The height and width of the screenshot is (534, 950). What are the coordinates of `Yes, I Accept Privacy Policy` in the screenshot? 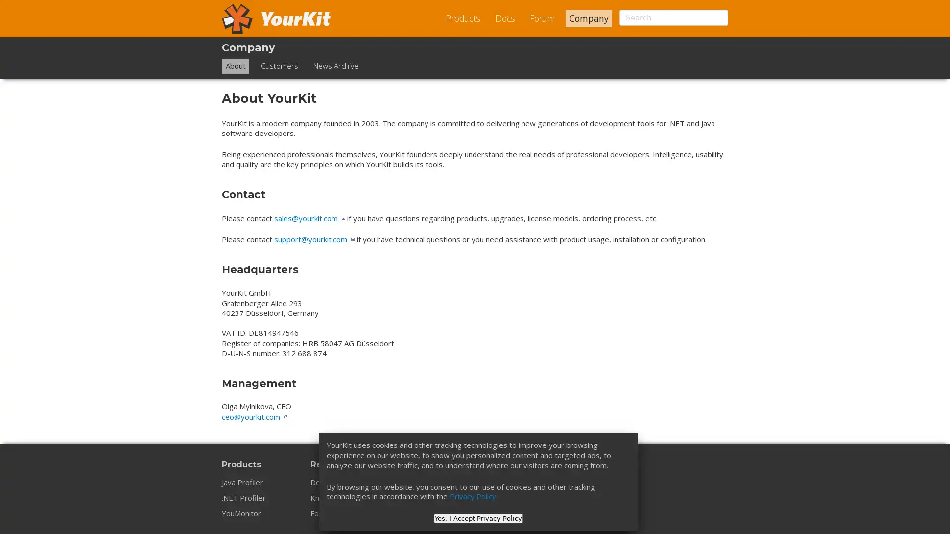 It's located at (478, 517).